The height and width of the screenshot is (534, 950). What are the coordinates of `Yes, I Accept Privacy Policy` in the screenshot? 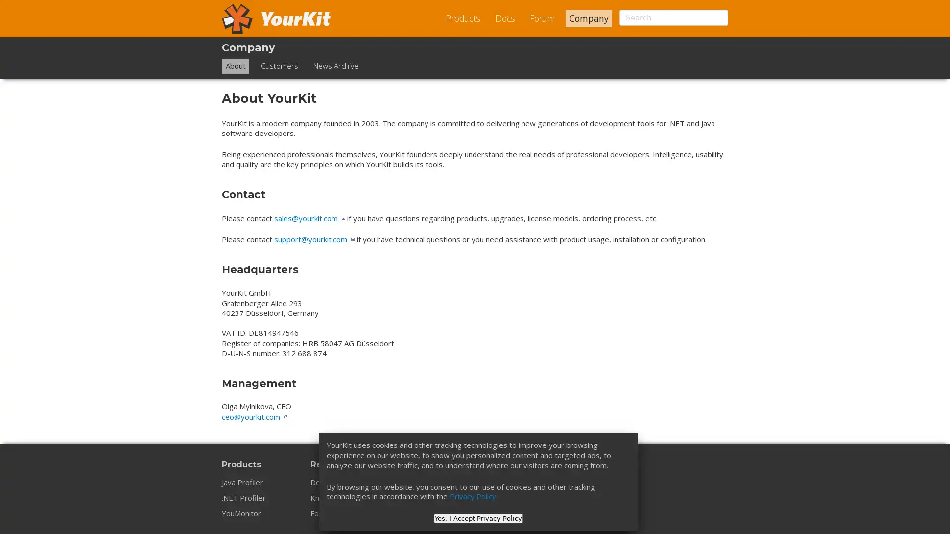 It's located at (478, 517).